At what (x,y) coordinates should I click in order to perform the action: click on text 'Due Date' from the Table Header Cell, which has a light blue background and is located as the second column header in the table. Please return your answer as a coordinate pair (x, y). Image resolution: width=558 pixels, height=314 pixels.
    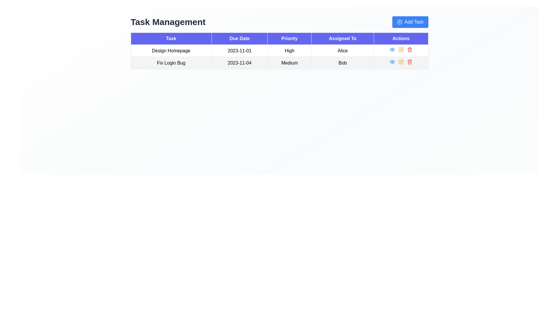
    Looking at the image, I should click on (239, 38).